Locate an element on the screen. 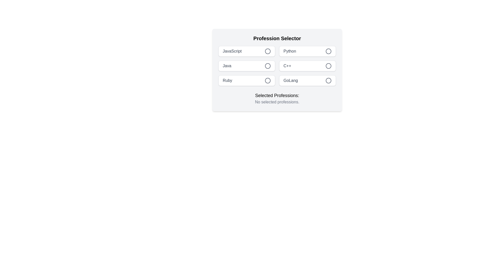 Image resolution: width=486 pixels, height=273 pixels. the radio button styled with a light gray outline is located at coordinates (328, 66).